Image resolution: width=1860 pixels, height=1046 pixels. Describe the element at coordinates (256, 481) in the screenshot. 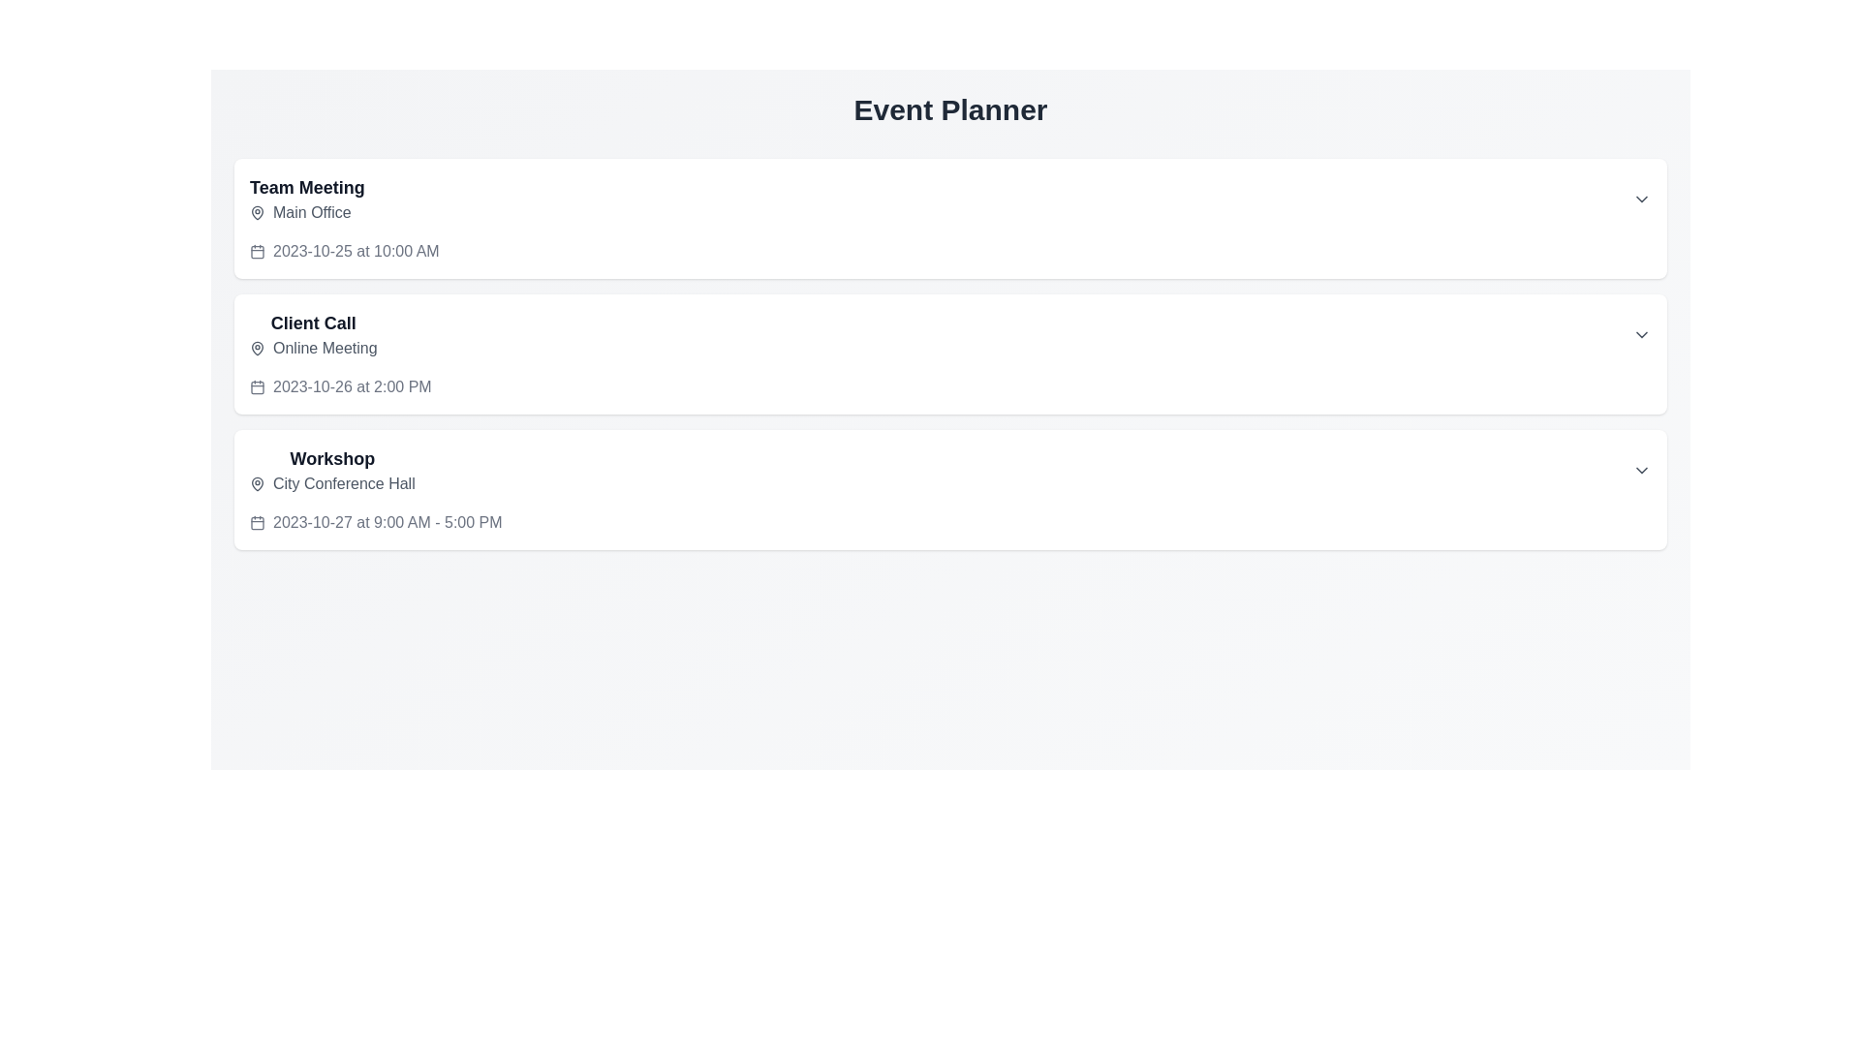

I see `the downward-pointing teardrop-shaped icon resembling a map pin, located to the left of the text 'City Conference Hall' in the 'Workshop' section of the events list` at that location.